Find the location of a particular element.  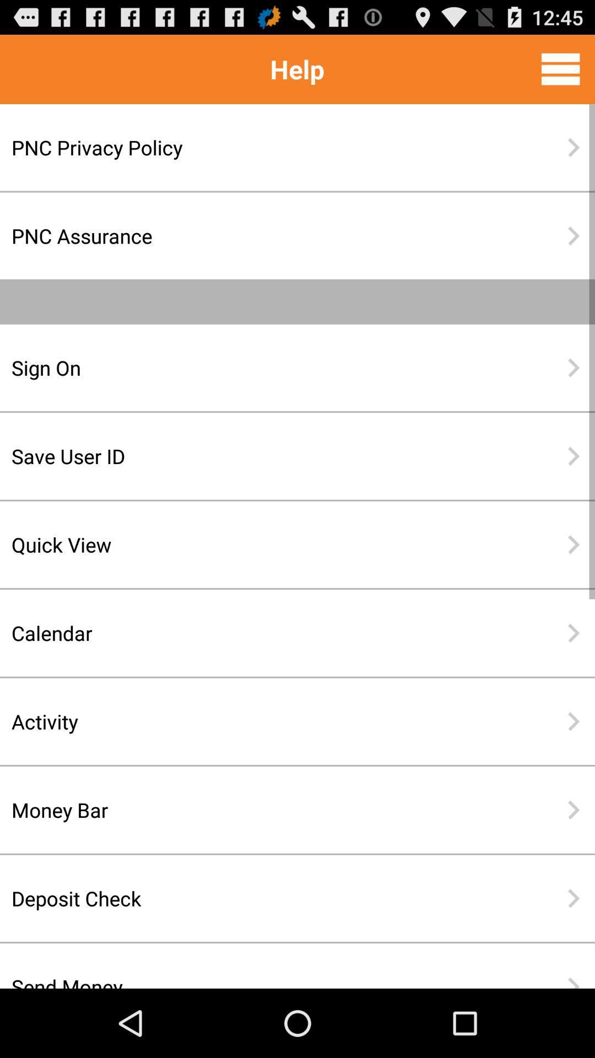

the item to the right of sign on item is located at coordinates (573, 368).